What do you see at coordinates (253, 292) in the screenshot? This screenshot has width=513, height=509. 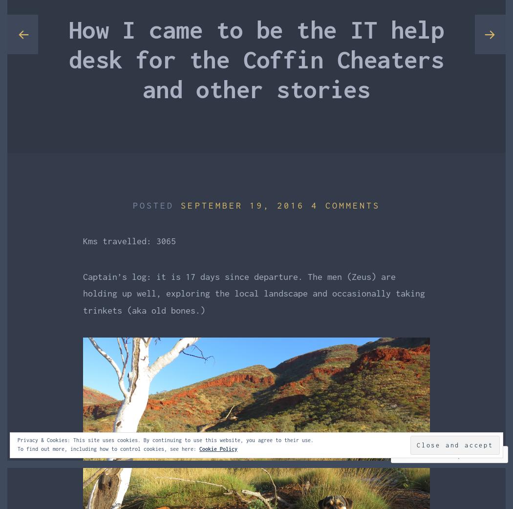 I see `'Captain’s log: it is 17 days since departure. The men (Zeus) are holding up well, exploring the local landscape and occasionally taking trinkets (aka old bones.)'` at bounding box center [253, 292].